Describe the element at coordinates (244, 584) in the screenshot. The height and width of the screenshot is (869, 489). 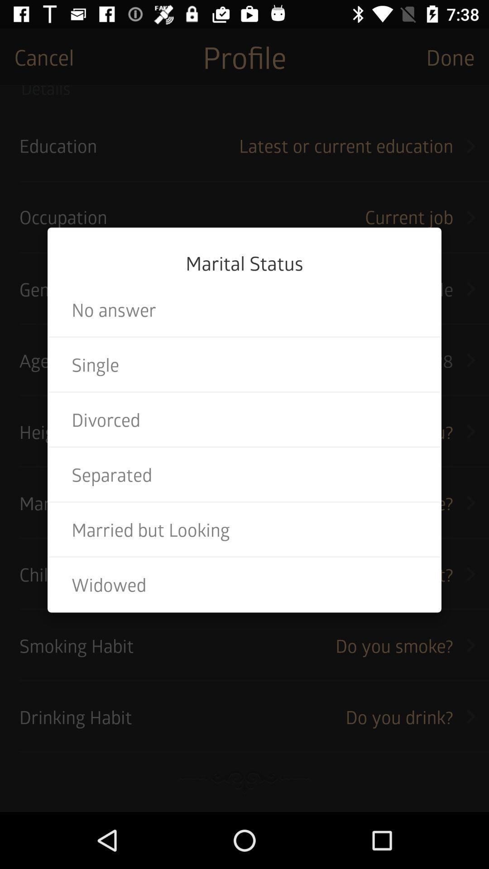
I see `the icon below married but looking item` at that location.